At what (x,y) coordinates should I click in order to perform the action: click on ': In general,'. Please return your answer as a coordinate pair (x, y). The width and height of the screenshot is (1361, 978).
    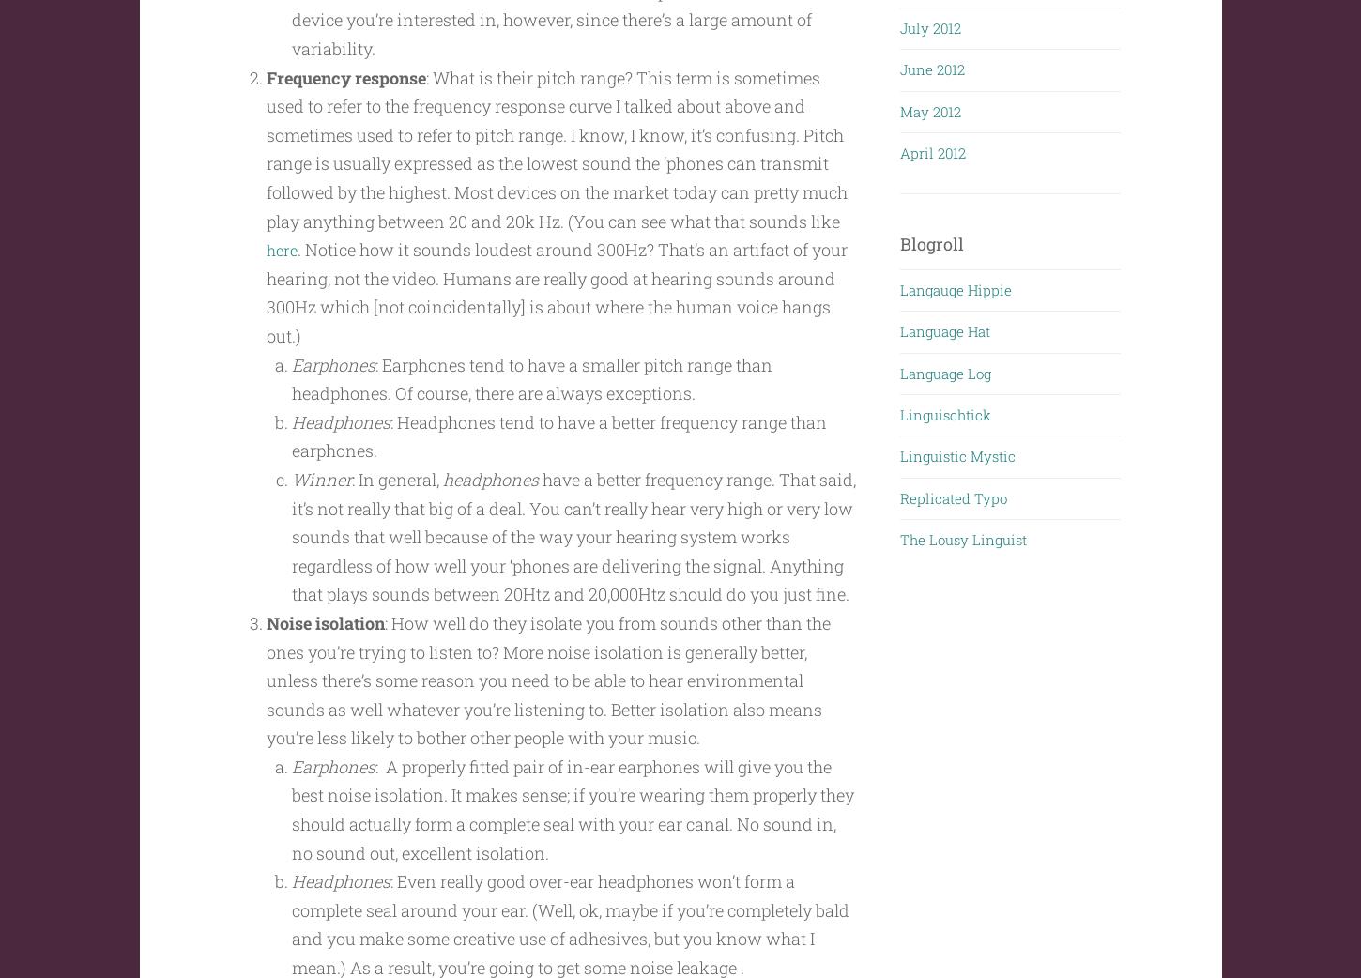
    Looking at the image, I should click on (395, 514).